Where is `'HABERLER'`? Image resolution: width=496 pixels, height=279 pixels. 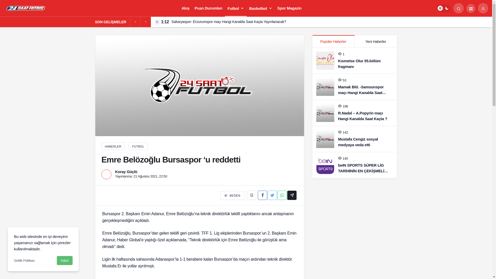
'HABERLER' is located at coordinates (113, 146).